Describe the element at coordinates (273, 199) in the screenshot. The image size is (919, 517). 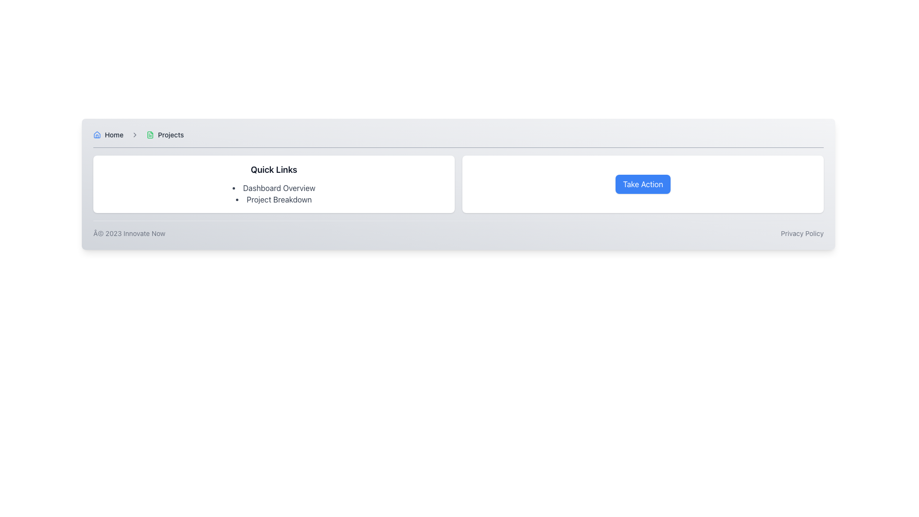
I see `the second textual link under the 'Quick Links' header` at that location.